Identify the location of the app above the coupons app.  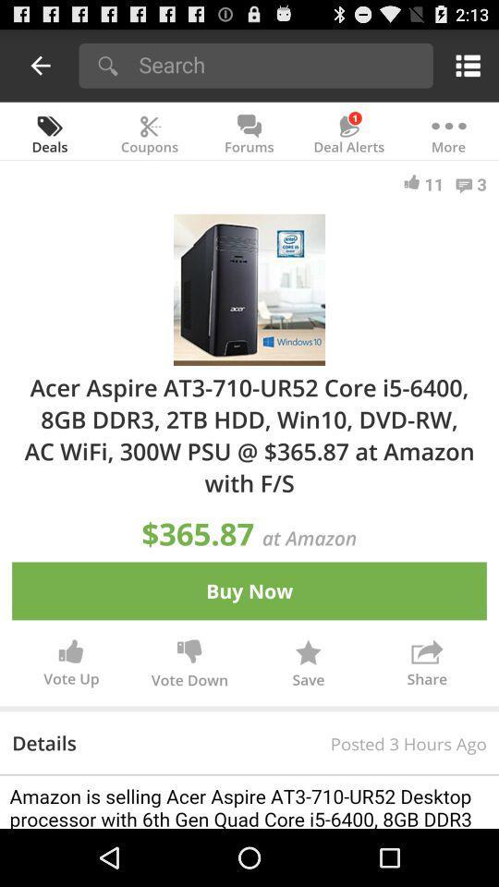
(279, 64).